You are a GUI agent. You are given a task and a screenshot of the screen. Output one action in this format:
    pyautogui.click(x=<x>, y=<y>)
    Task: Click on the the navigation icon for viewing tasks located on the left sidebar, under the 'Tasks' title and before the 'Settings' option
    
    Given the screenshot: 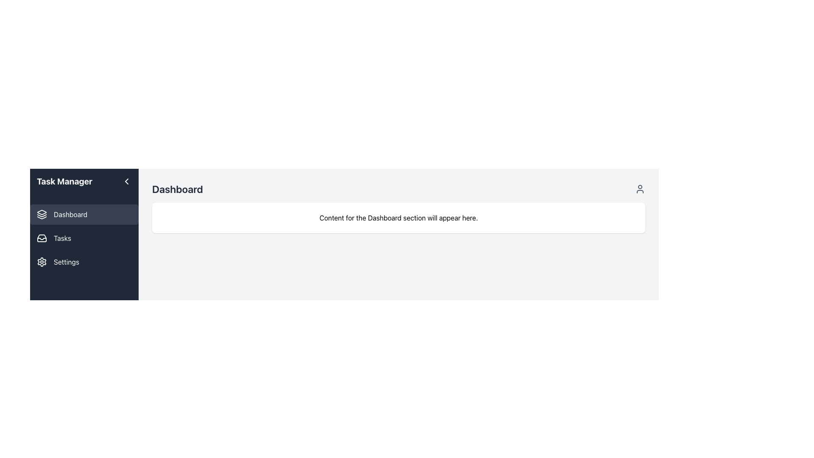 What is the action you would take?
    pyautogui.click(x=42, y=238)
    